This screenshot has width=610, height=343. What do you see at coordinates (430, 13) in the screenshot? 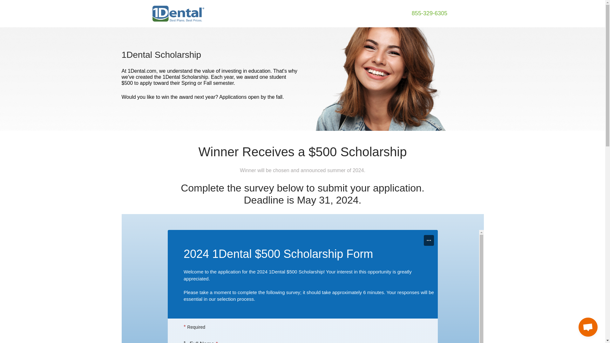
I see `' 855-329-6305 '` at bounding box center [430, 13].